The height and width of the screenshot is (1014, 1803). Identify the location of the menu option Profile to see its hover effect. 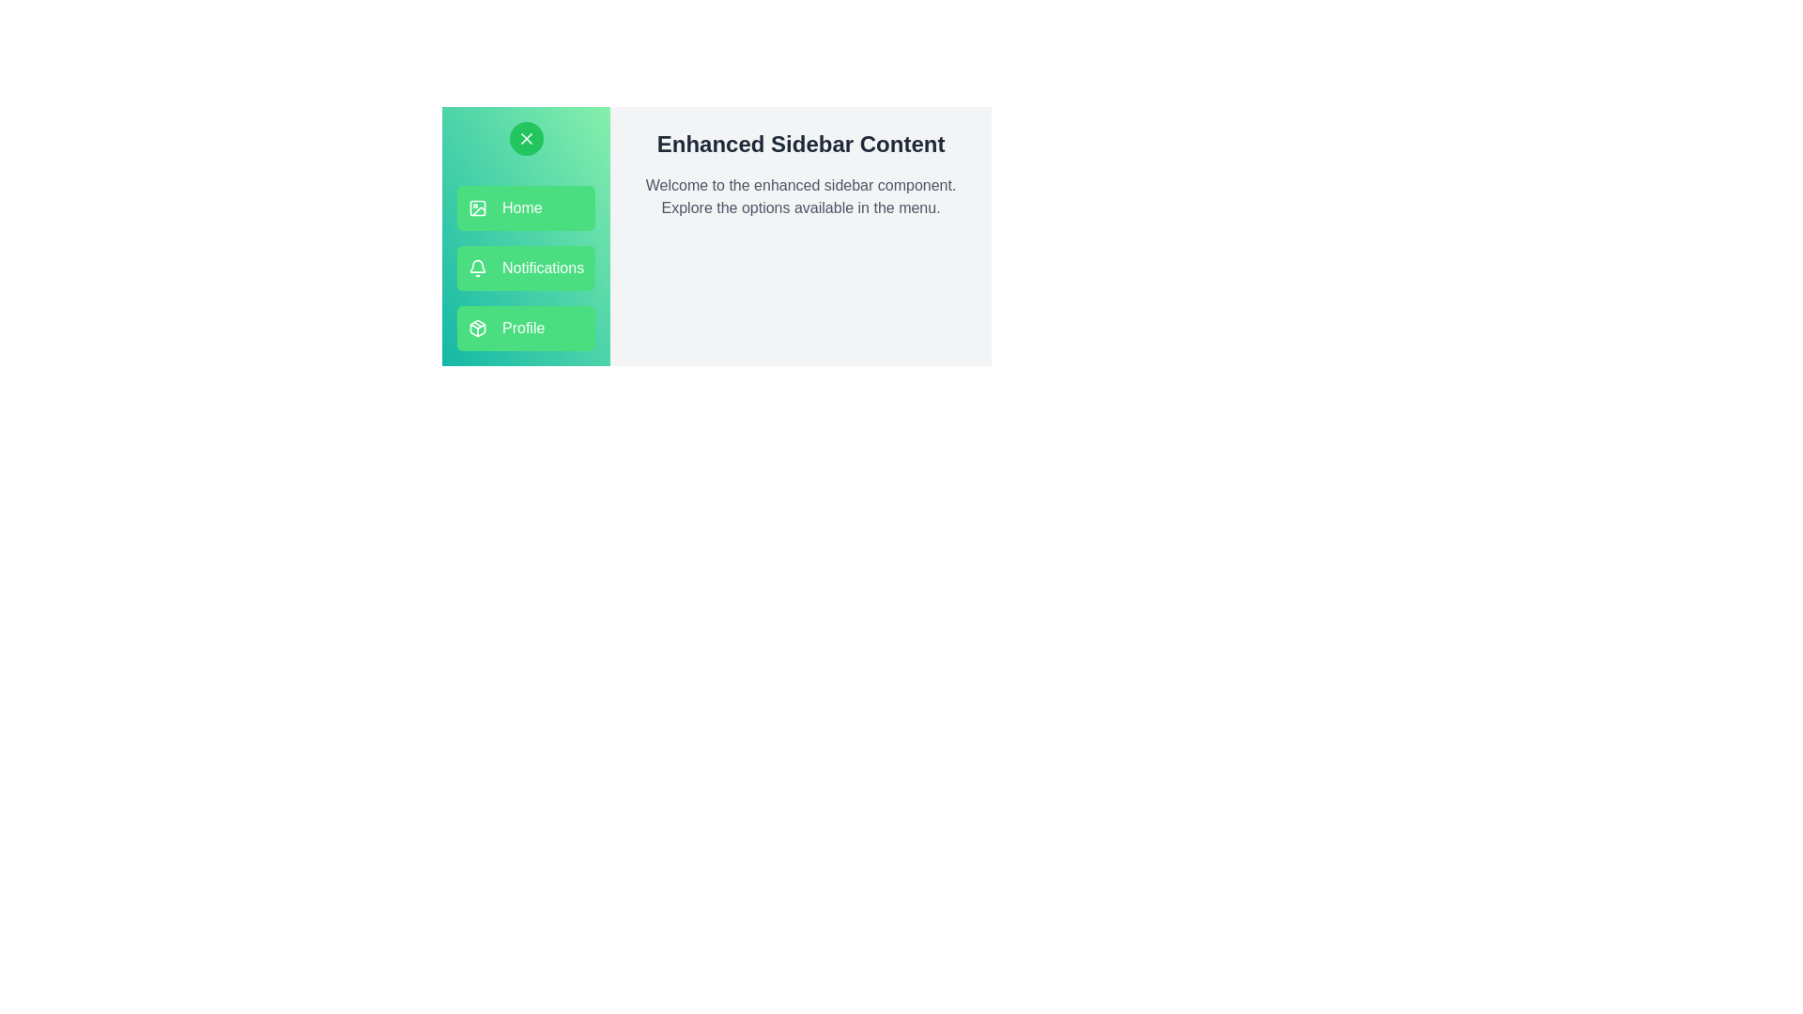
(526, 328).